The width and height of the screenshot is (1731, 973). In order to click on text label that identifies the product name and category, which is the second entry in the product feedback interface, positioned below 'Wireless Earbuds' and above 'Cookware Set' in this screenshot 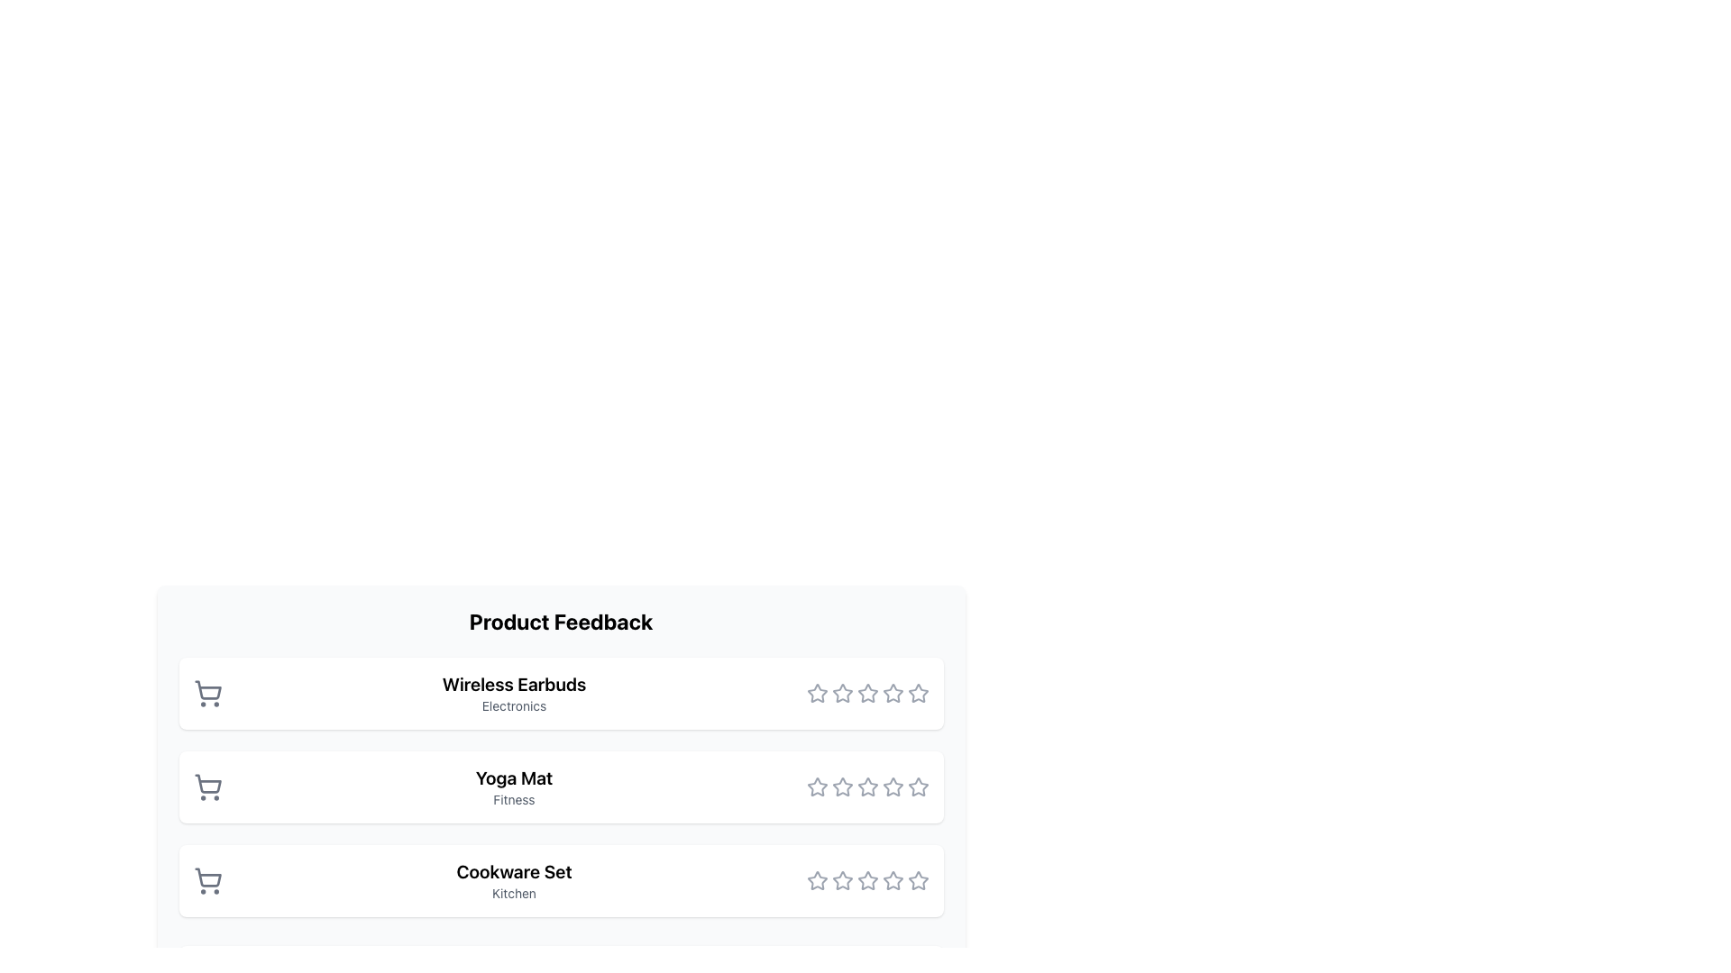, I will do `click(513, 787)`.